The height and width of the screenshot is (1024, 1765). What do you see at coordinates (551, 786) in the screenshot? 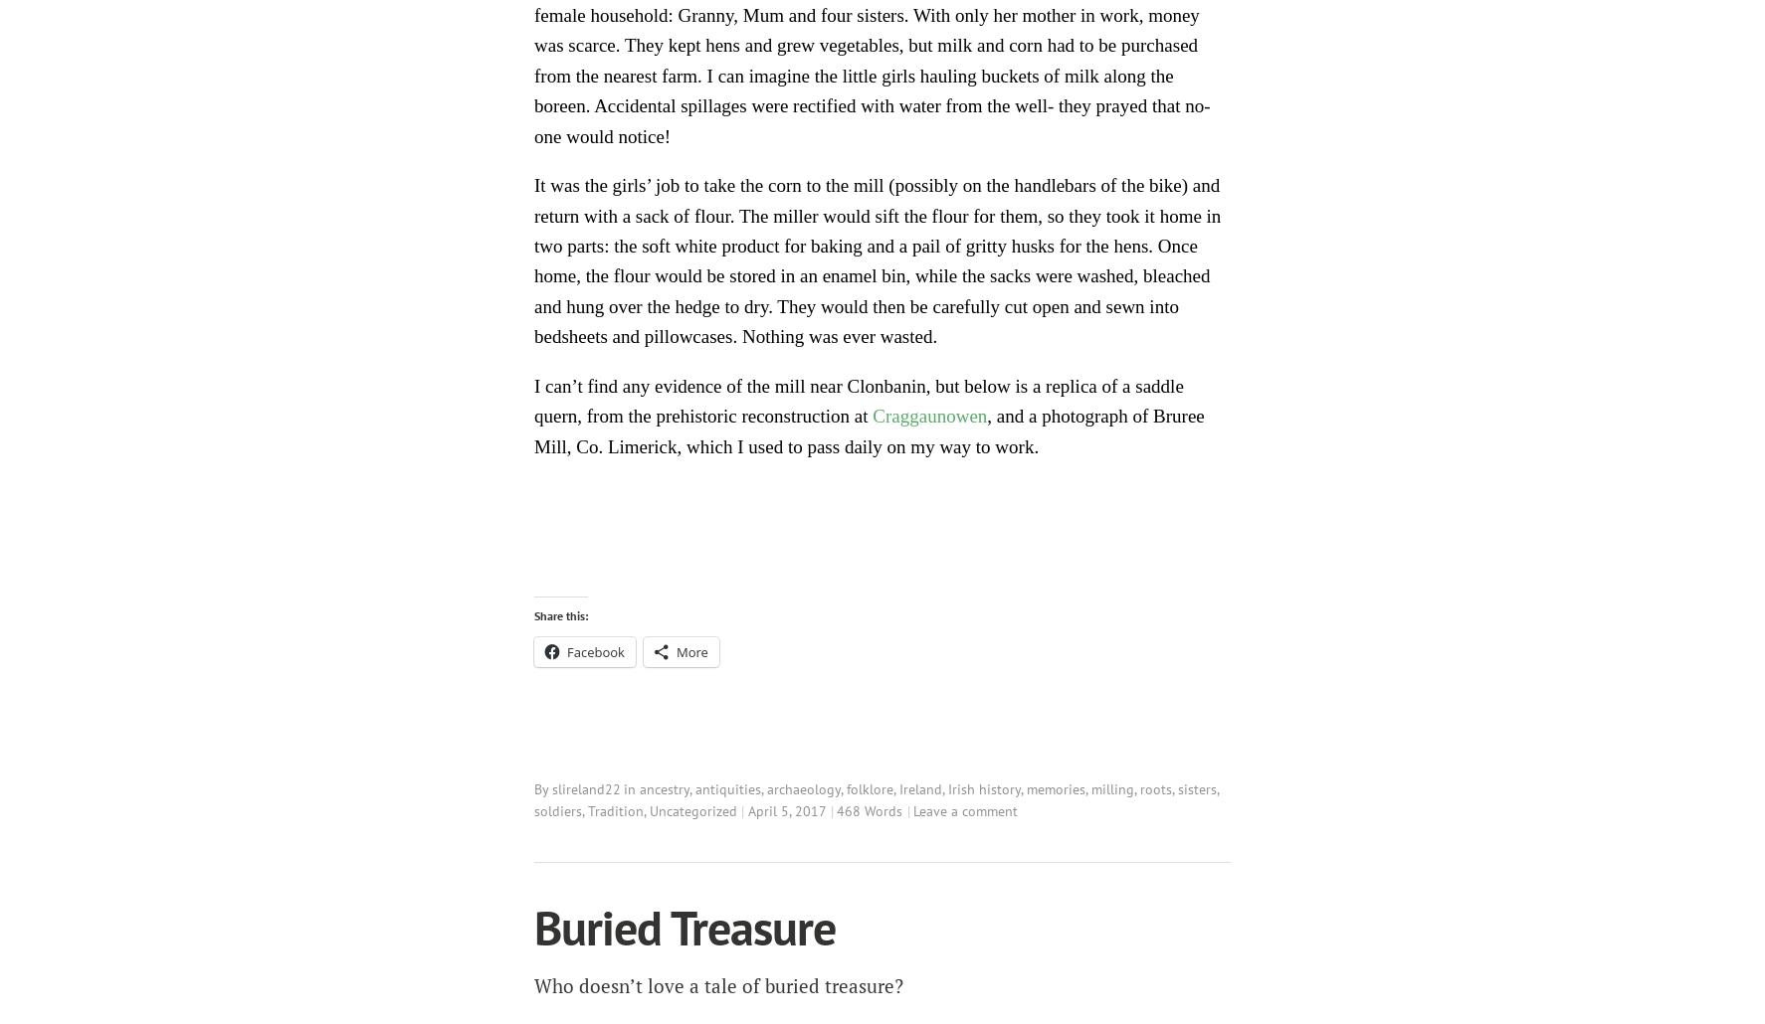
I see `'slireland22'` at bounding box center [551, 786].